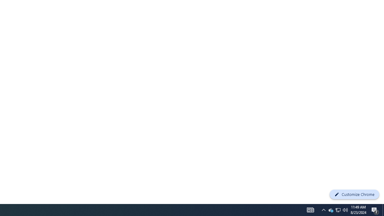 The image size is (384, 216). I want to click on 'Customize Chrome', so click(354, 194).